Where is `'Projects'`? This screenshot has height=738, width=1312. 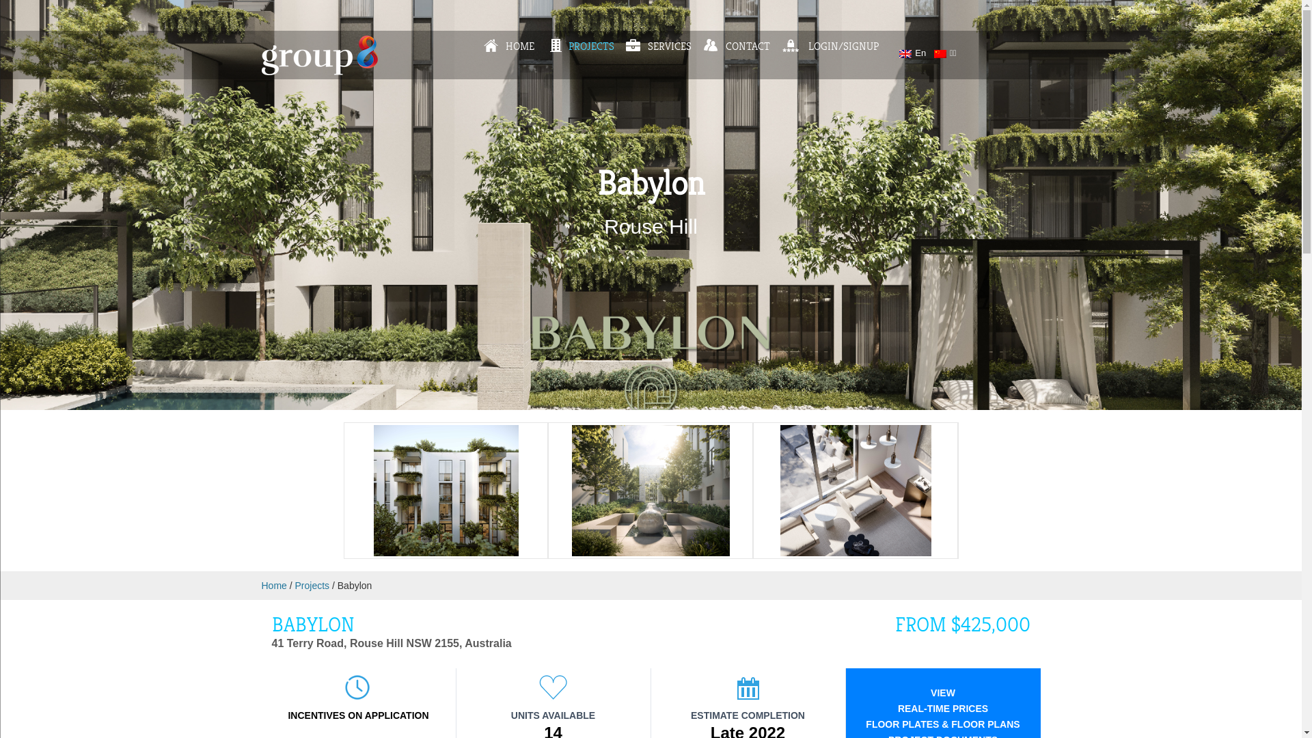
'Projects' is located at coordinates (312, 584).